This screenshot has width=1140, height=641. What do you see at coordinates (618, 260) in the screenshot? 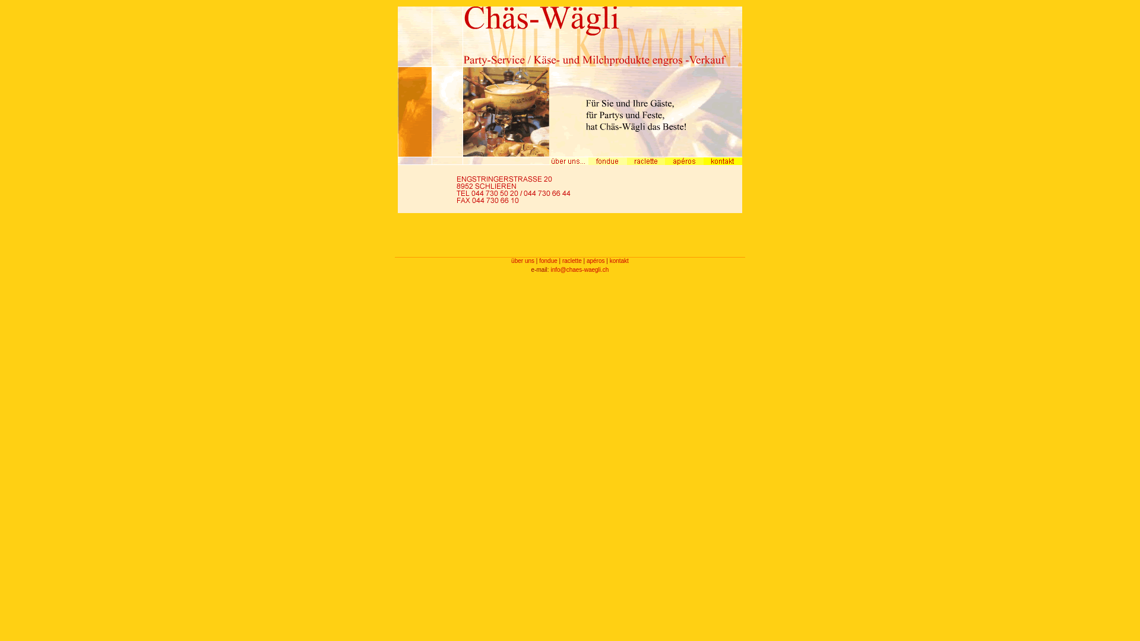
I see `'kontakt'` at bounding box center [618, 260].